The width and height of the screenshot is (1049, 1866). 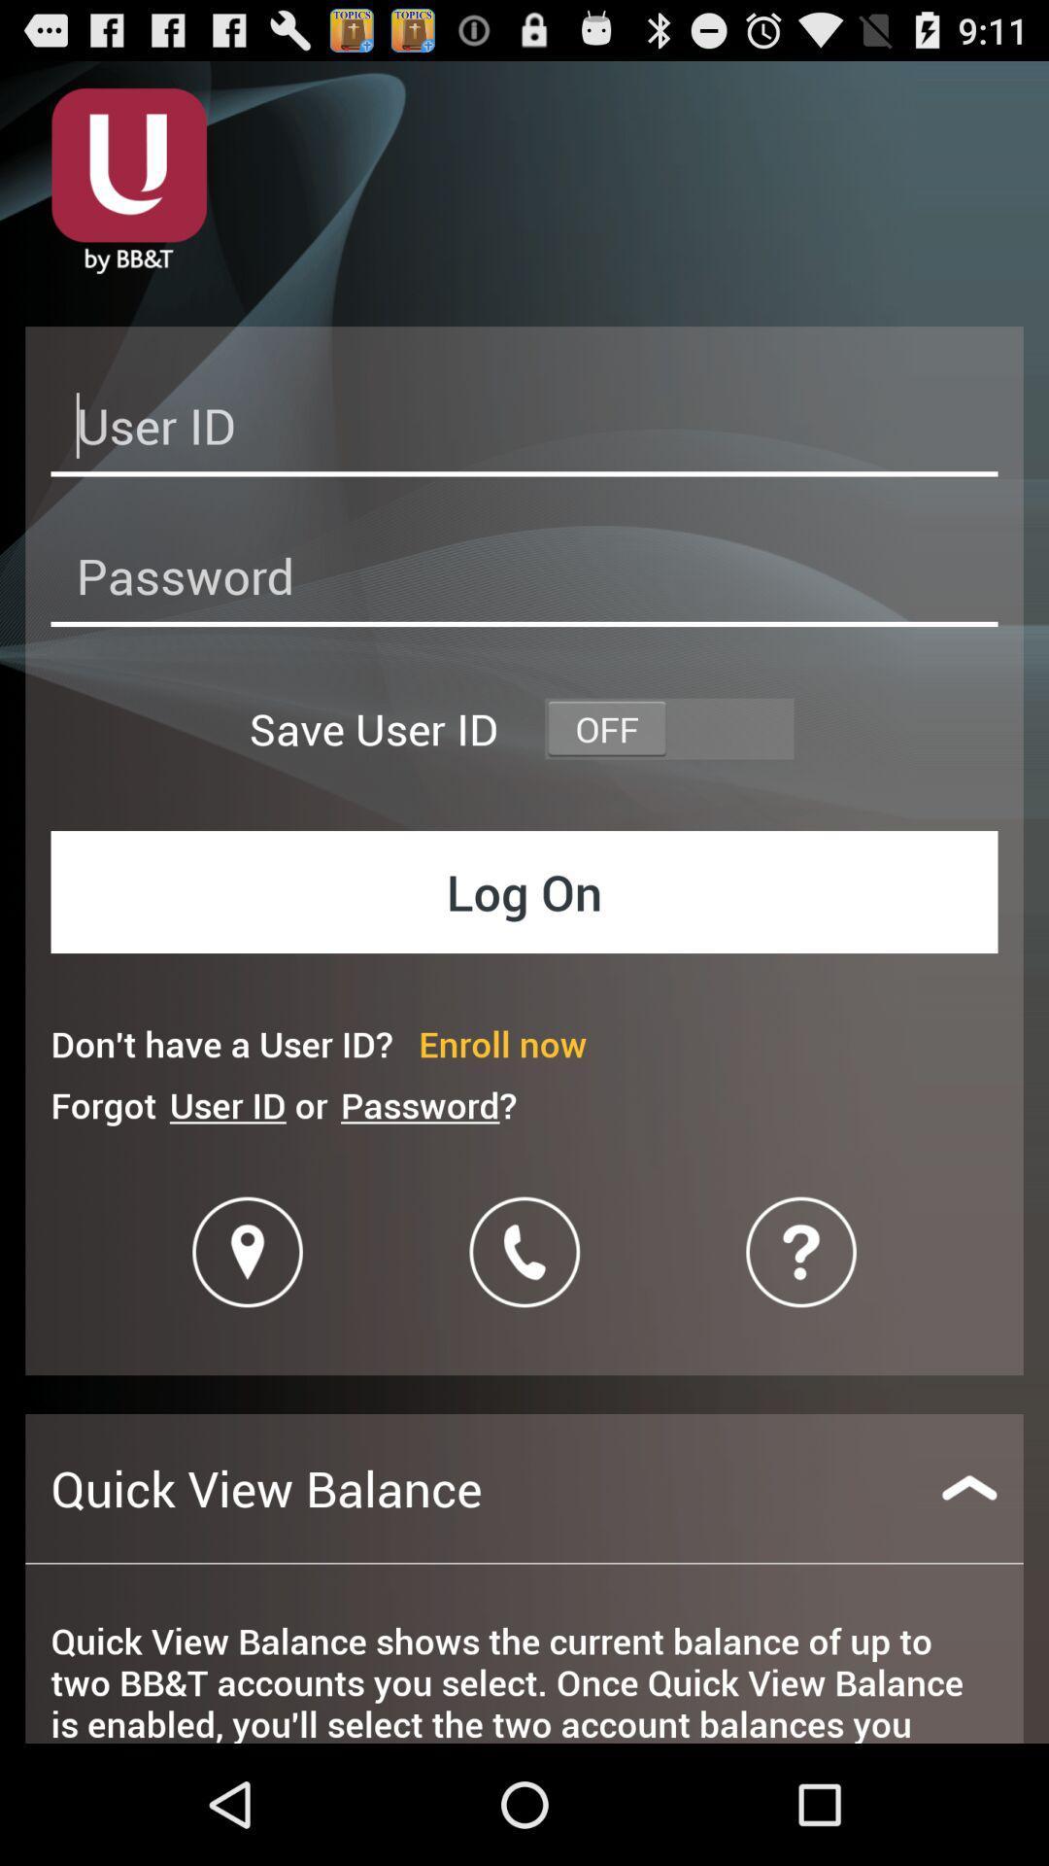 What do you see at coordinates (524, 581) in the screenshot?
I see `password` at bounding box center [524, 581].